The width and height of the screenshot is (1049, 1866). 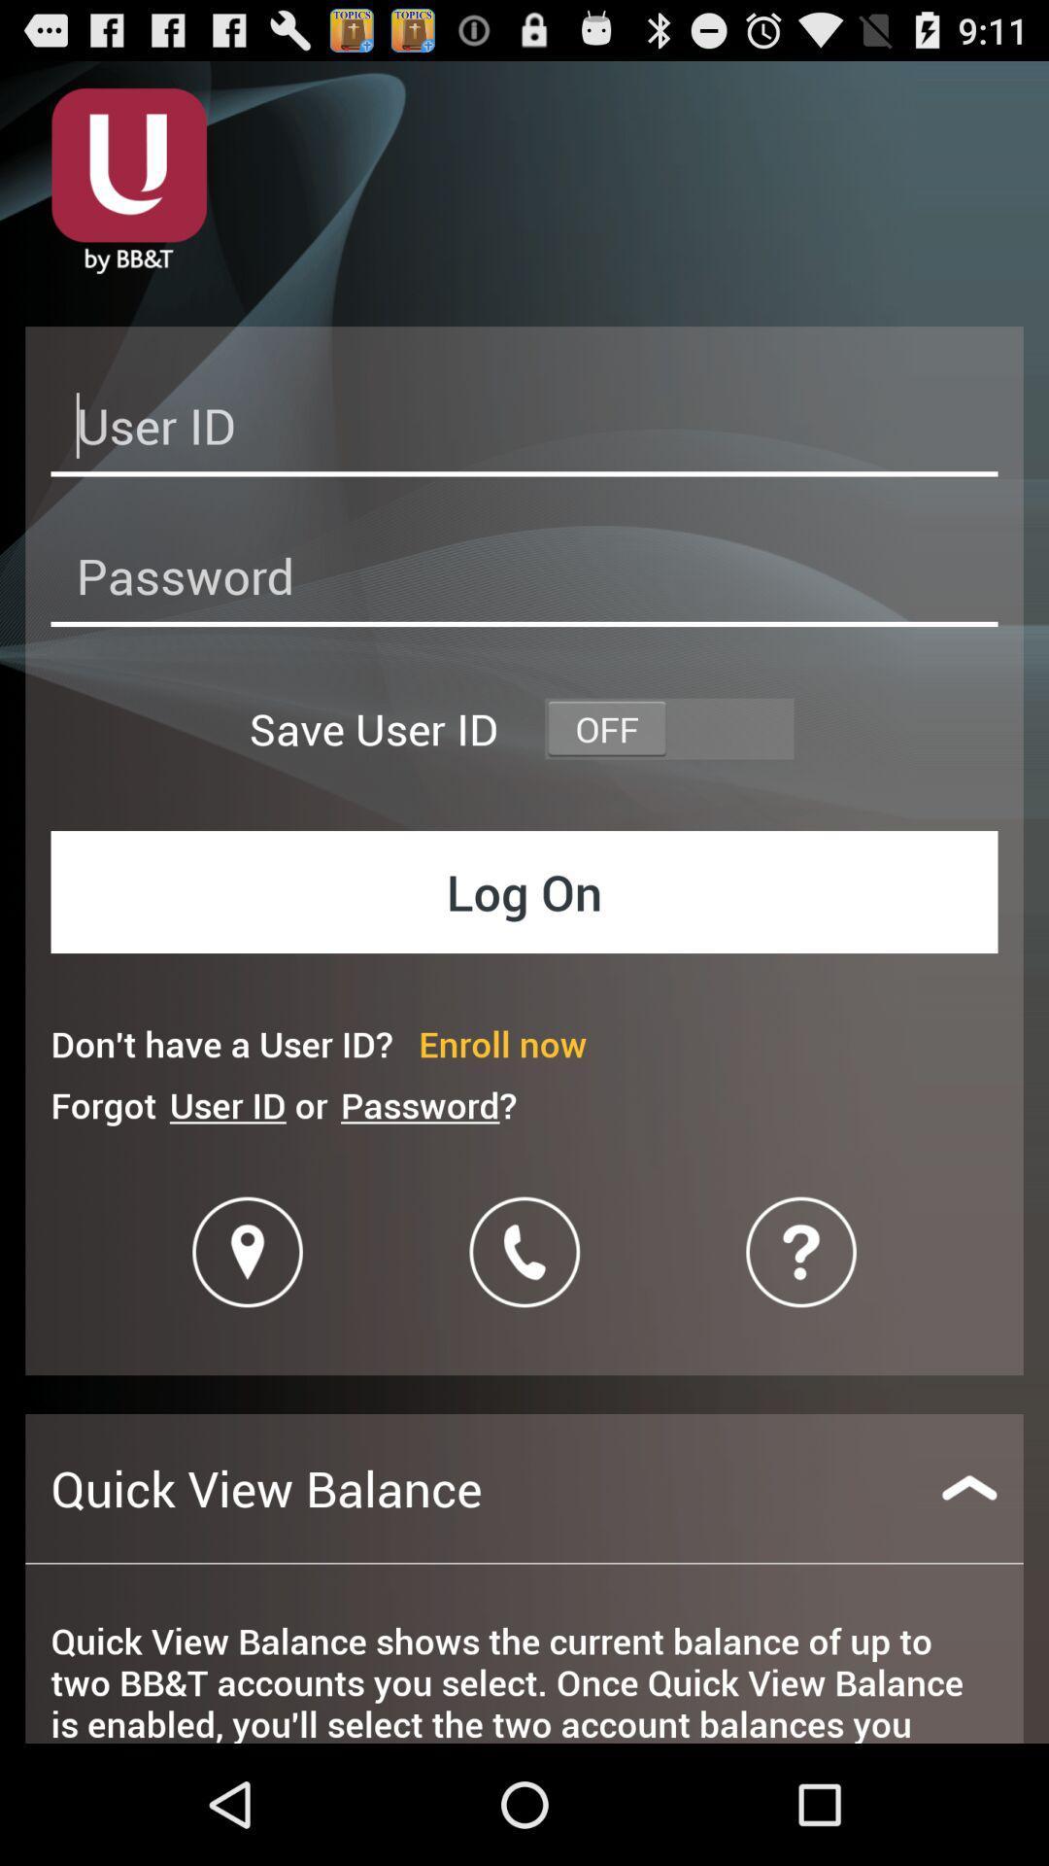 What do you see at coordinates (524, 581) in the screenshot?
I see `password` at bounding box center [524, 581].